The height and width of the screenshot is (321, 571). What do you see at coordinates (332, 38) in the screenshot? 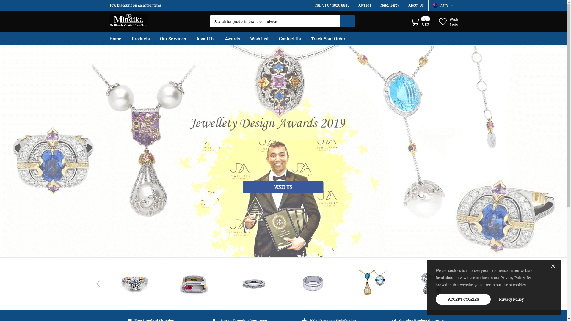
I see `'Track Your Order'` at bounding box center [332, 38].